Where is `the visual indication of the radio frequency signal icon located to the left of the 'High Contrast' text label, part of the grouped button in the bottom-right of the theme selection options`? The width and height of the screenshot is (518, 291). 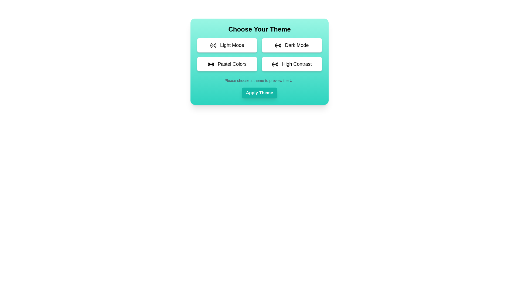
the visual indication of the radio frequency signal icon located to the left of the 'High Contrast' text label, part of the grouped button in the bottom-right of the theme selection options is located at coordinates (275, 64).